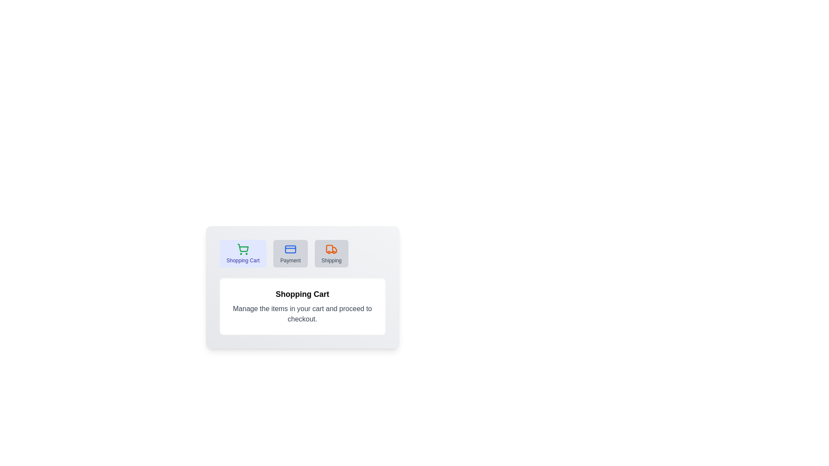 The image size is (829, 466). I want to click on the tab labeled Shopping Cart to switch to it, so click(242, 253).